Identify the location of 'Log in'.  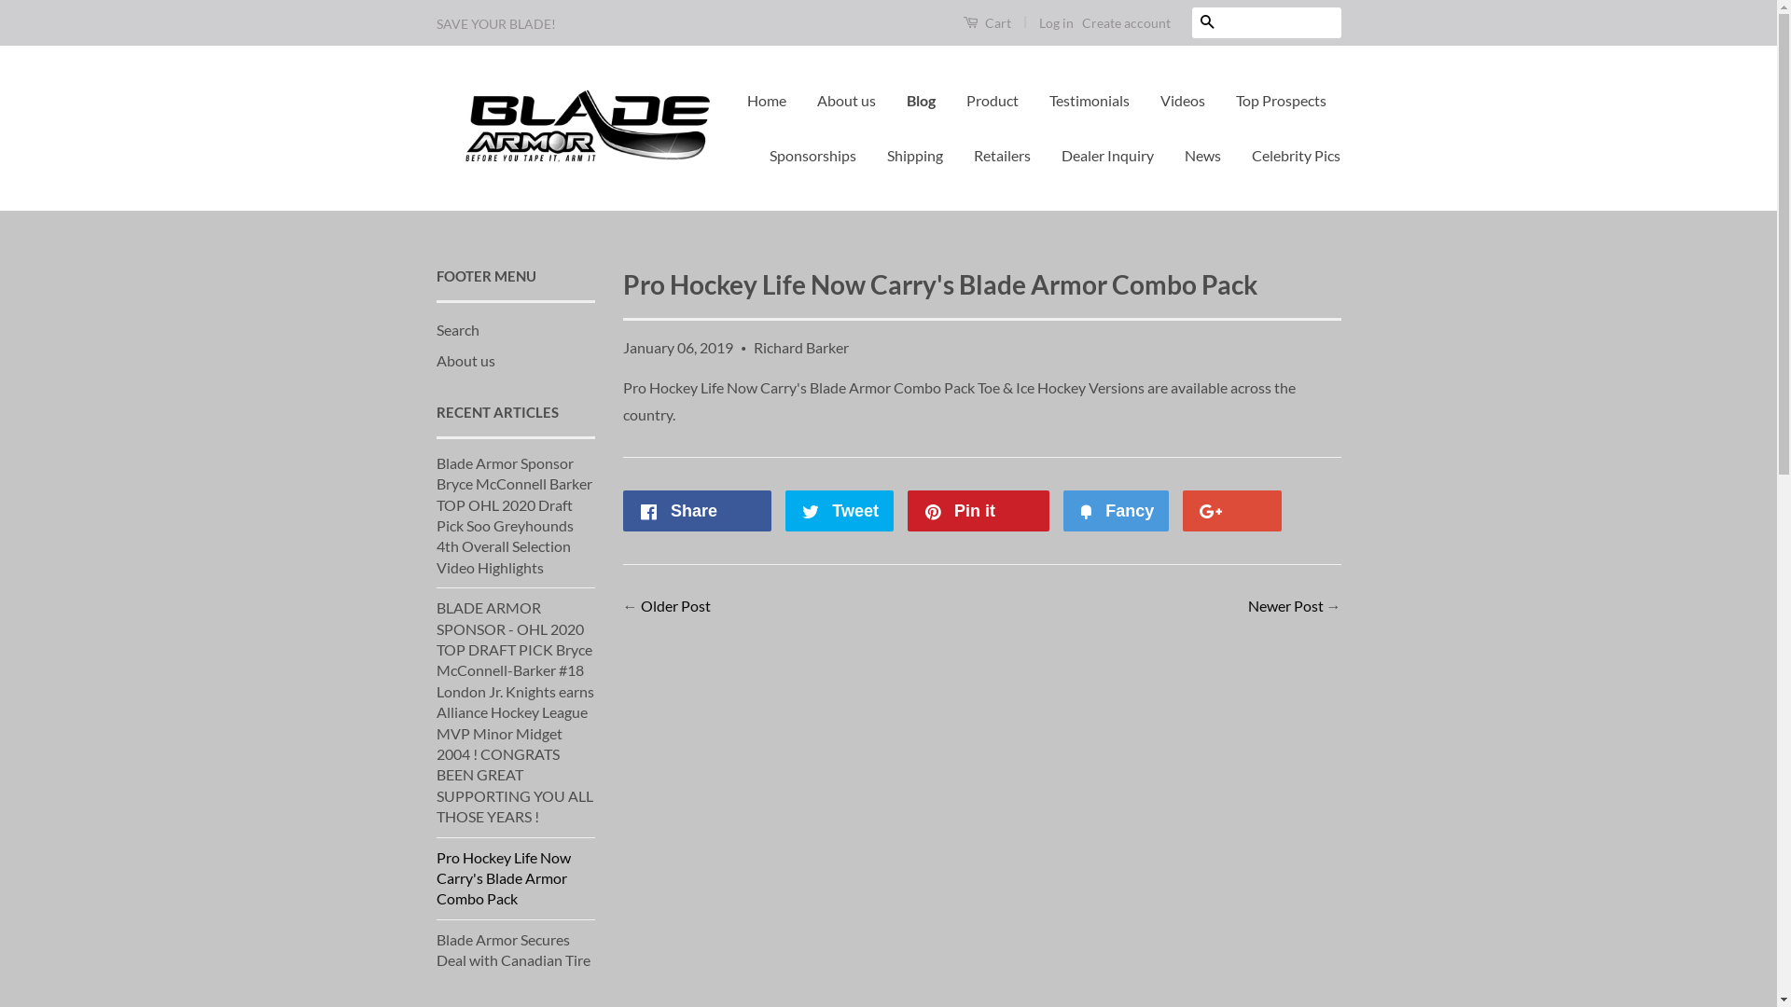
(1056, 22).